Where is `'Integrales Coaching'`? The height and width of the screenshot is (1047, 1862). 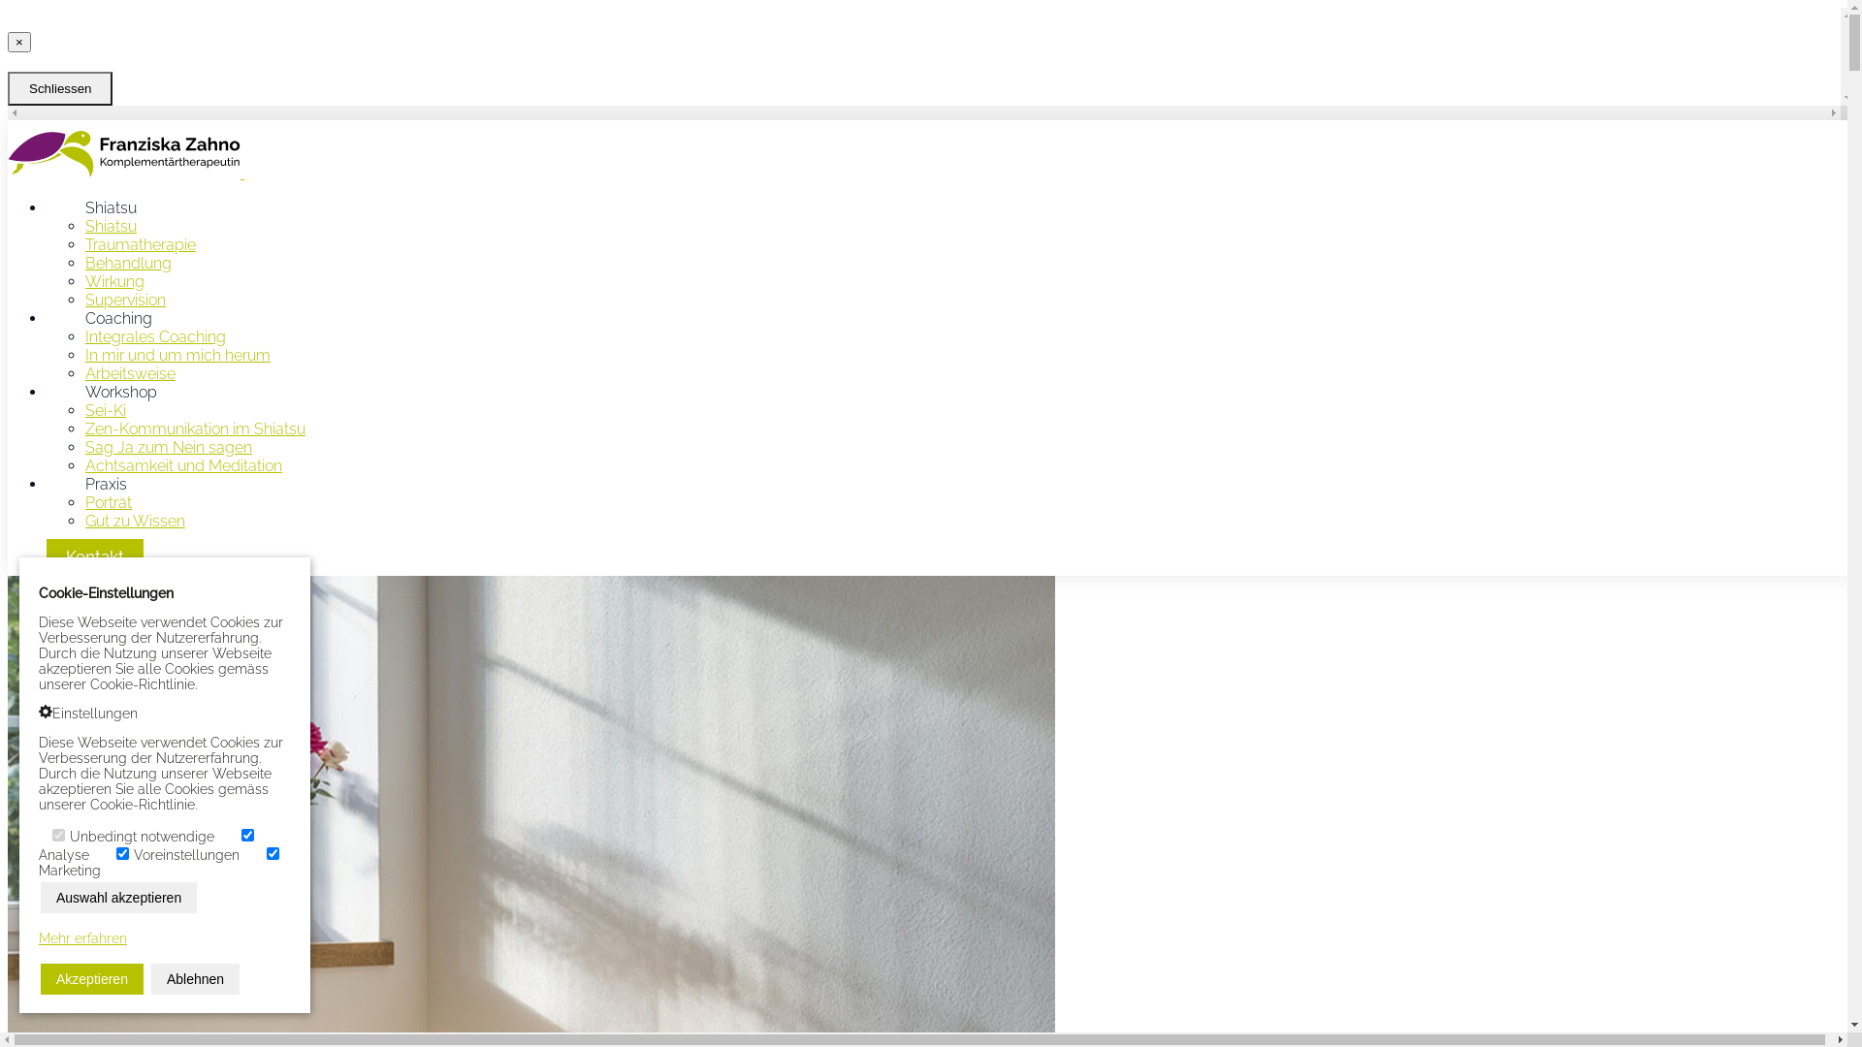 'Integrales Coaching' is located at coordinates (155, 335).